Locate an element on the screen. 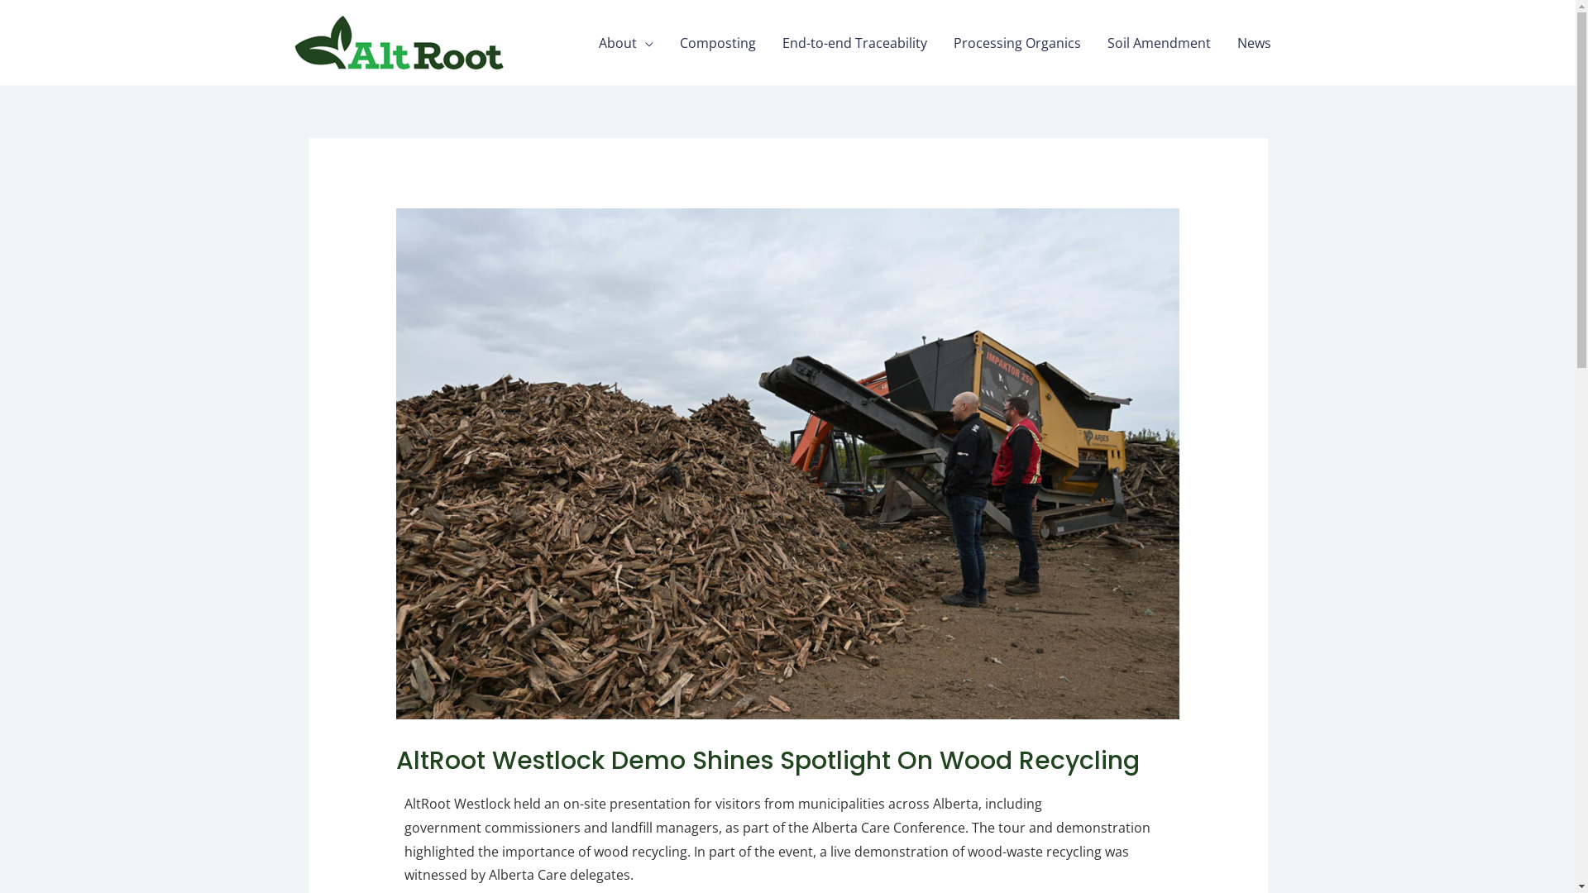  'Processing Organics' is located at coordinates (1015, 41).